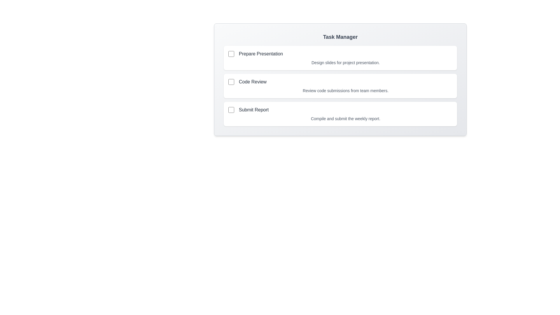  I want to click on the task title Prepare Presentation to select it, so click(260, 54).